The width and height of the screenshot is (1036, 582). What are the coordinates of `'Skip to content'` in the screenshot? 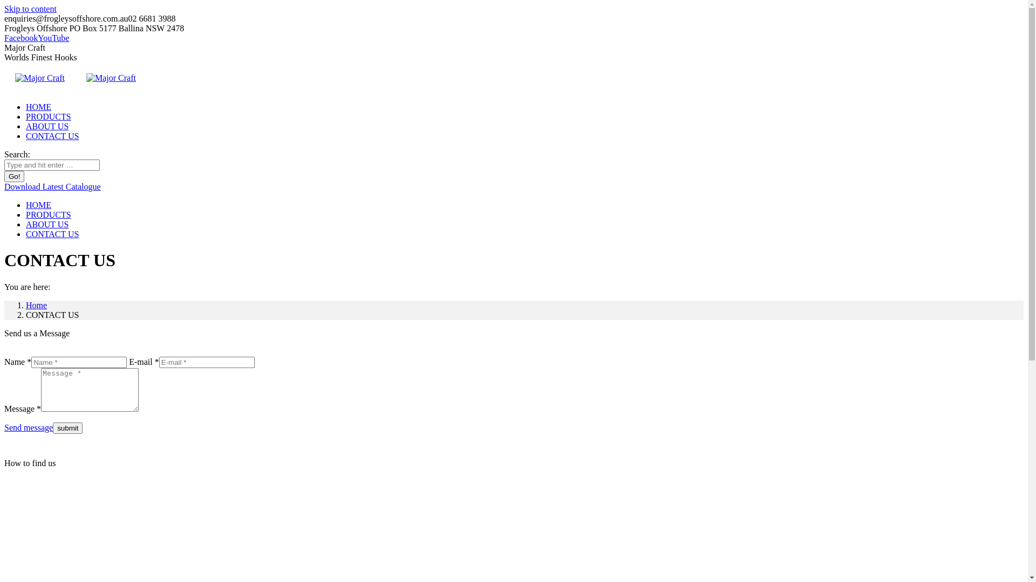 It's located at (4, 9).